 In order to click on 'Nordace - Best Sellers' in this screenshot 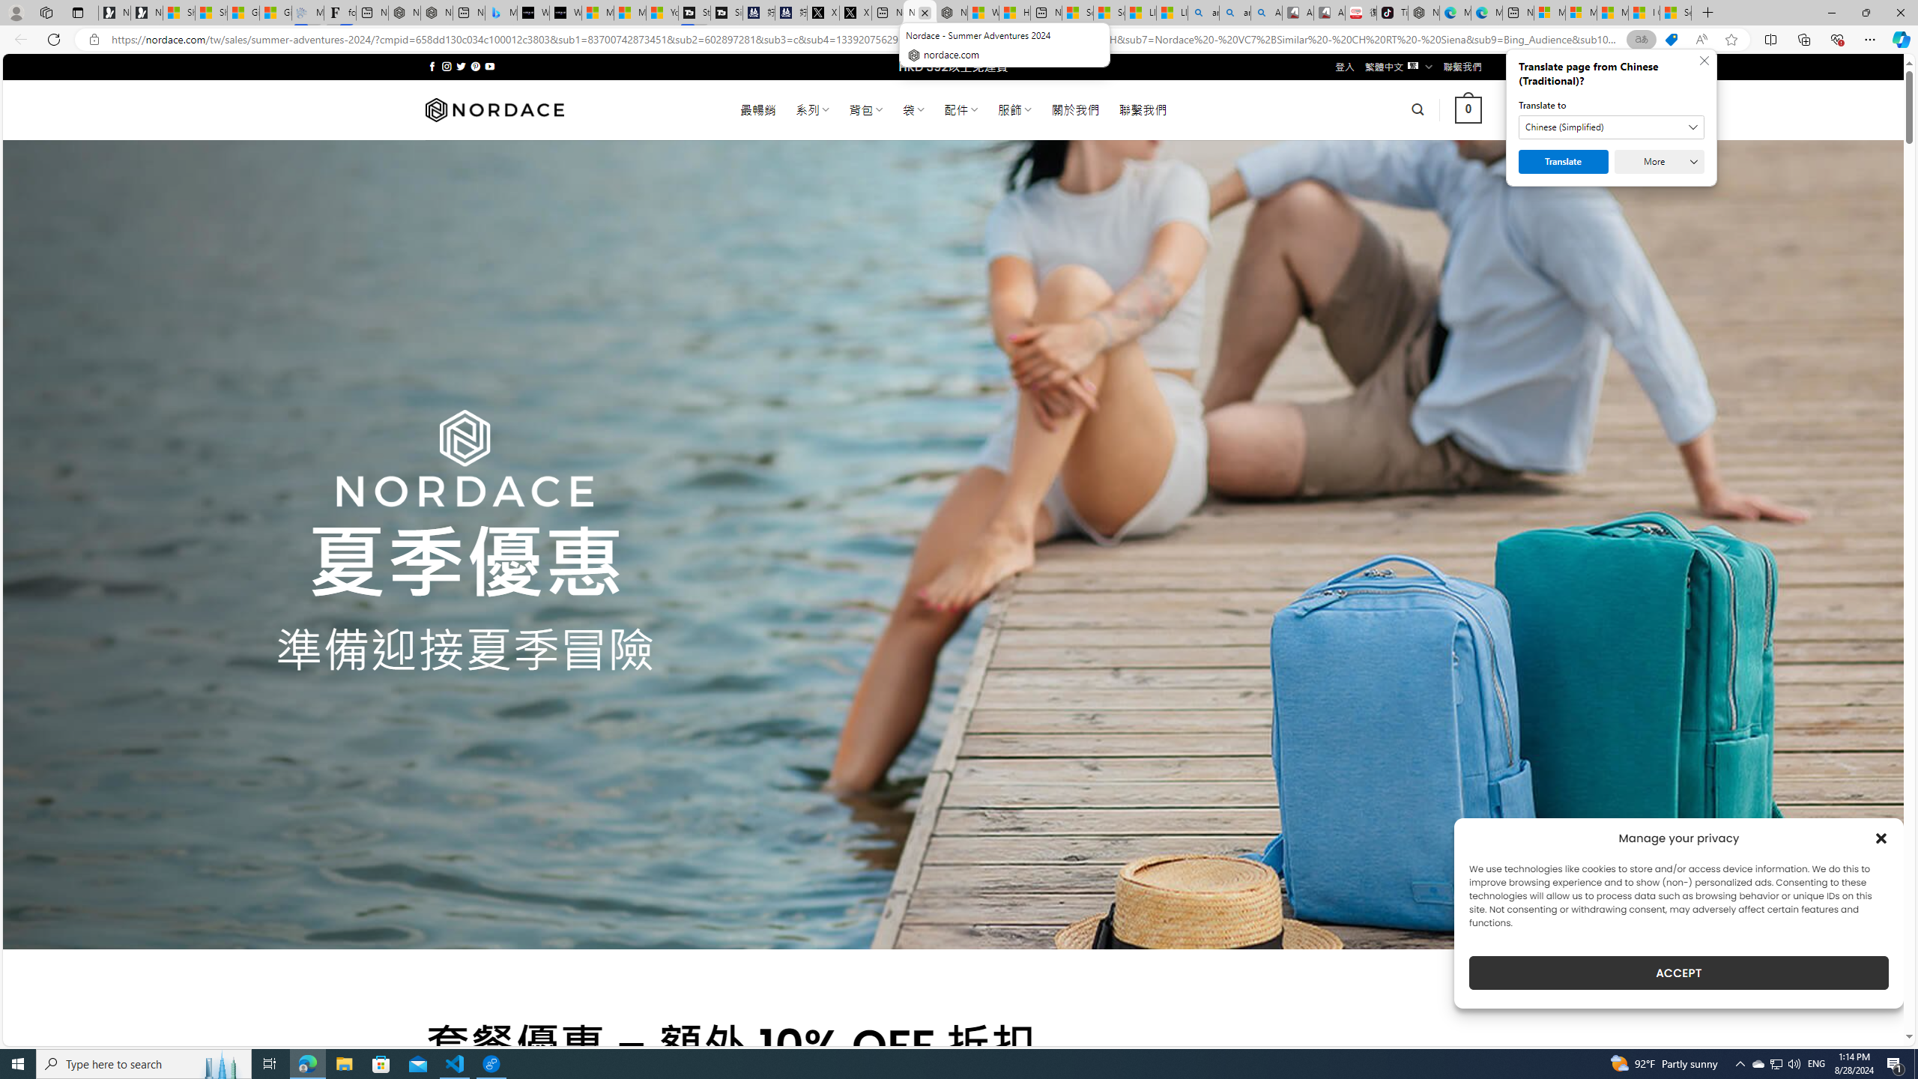, I will do `click(1423, 12)`.